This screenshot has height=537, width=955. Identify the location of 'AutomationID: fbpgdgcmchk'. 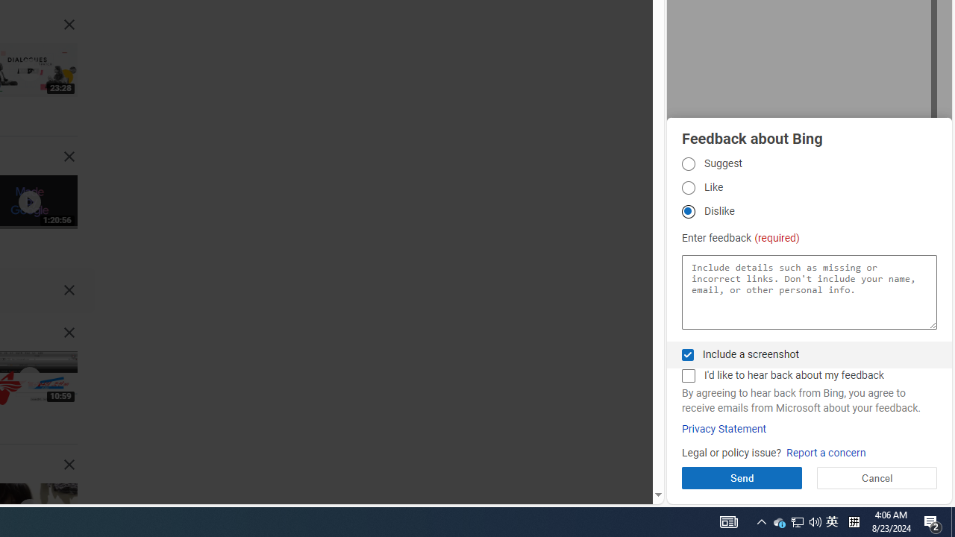
(687, 374).